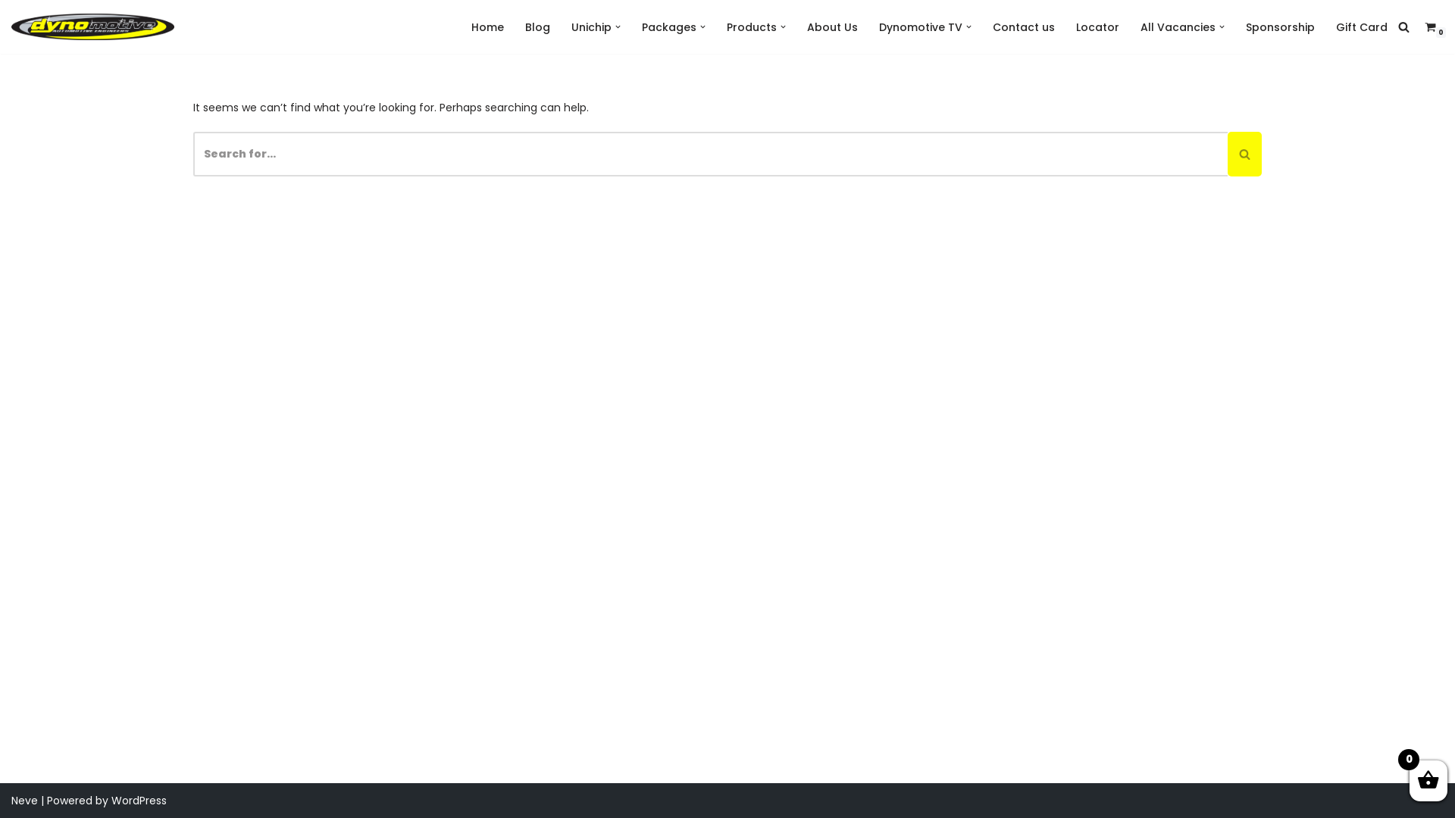  Describe the element at coordinates (1361, 27) in the screenshot. I see `'Gift Card'` at that location.